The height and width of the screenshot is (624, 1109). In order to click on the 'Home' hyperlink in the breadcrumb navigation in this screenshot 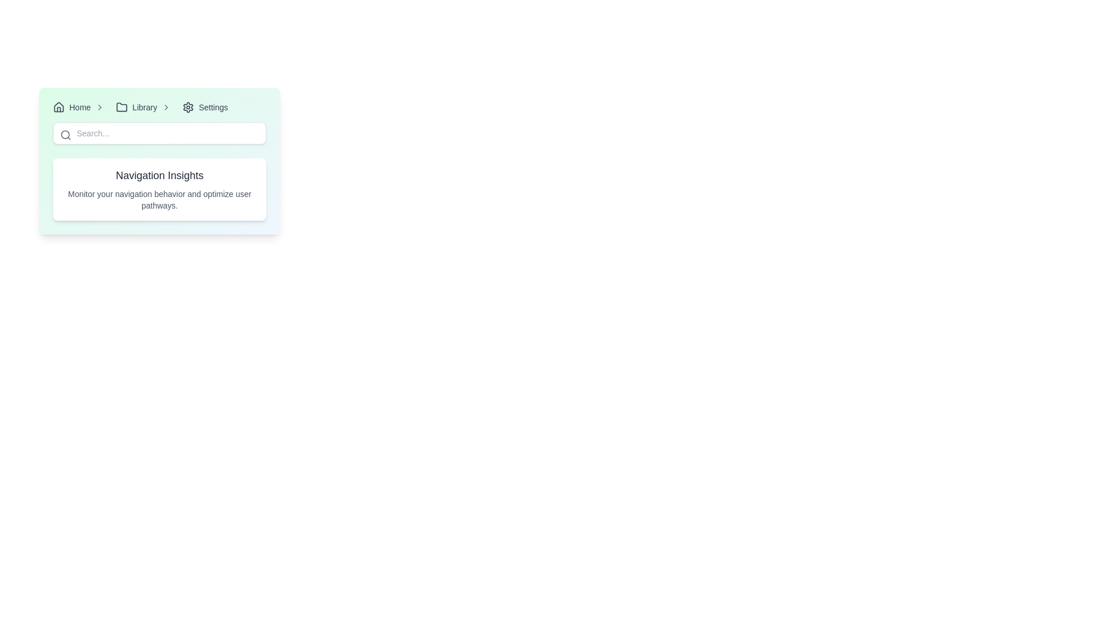, I will do `click(71, 107)`.